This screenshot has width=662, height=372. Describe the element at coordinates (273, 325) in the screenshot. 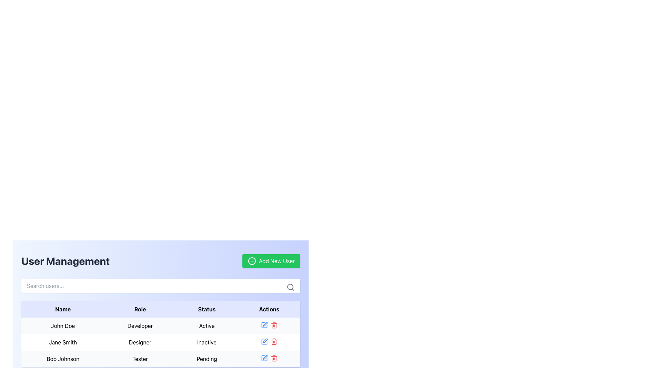

I see `the red trash can icon` at that location.